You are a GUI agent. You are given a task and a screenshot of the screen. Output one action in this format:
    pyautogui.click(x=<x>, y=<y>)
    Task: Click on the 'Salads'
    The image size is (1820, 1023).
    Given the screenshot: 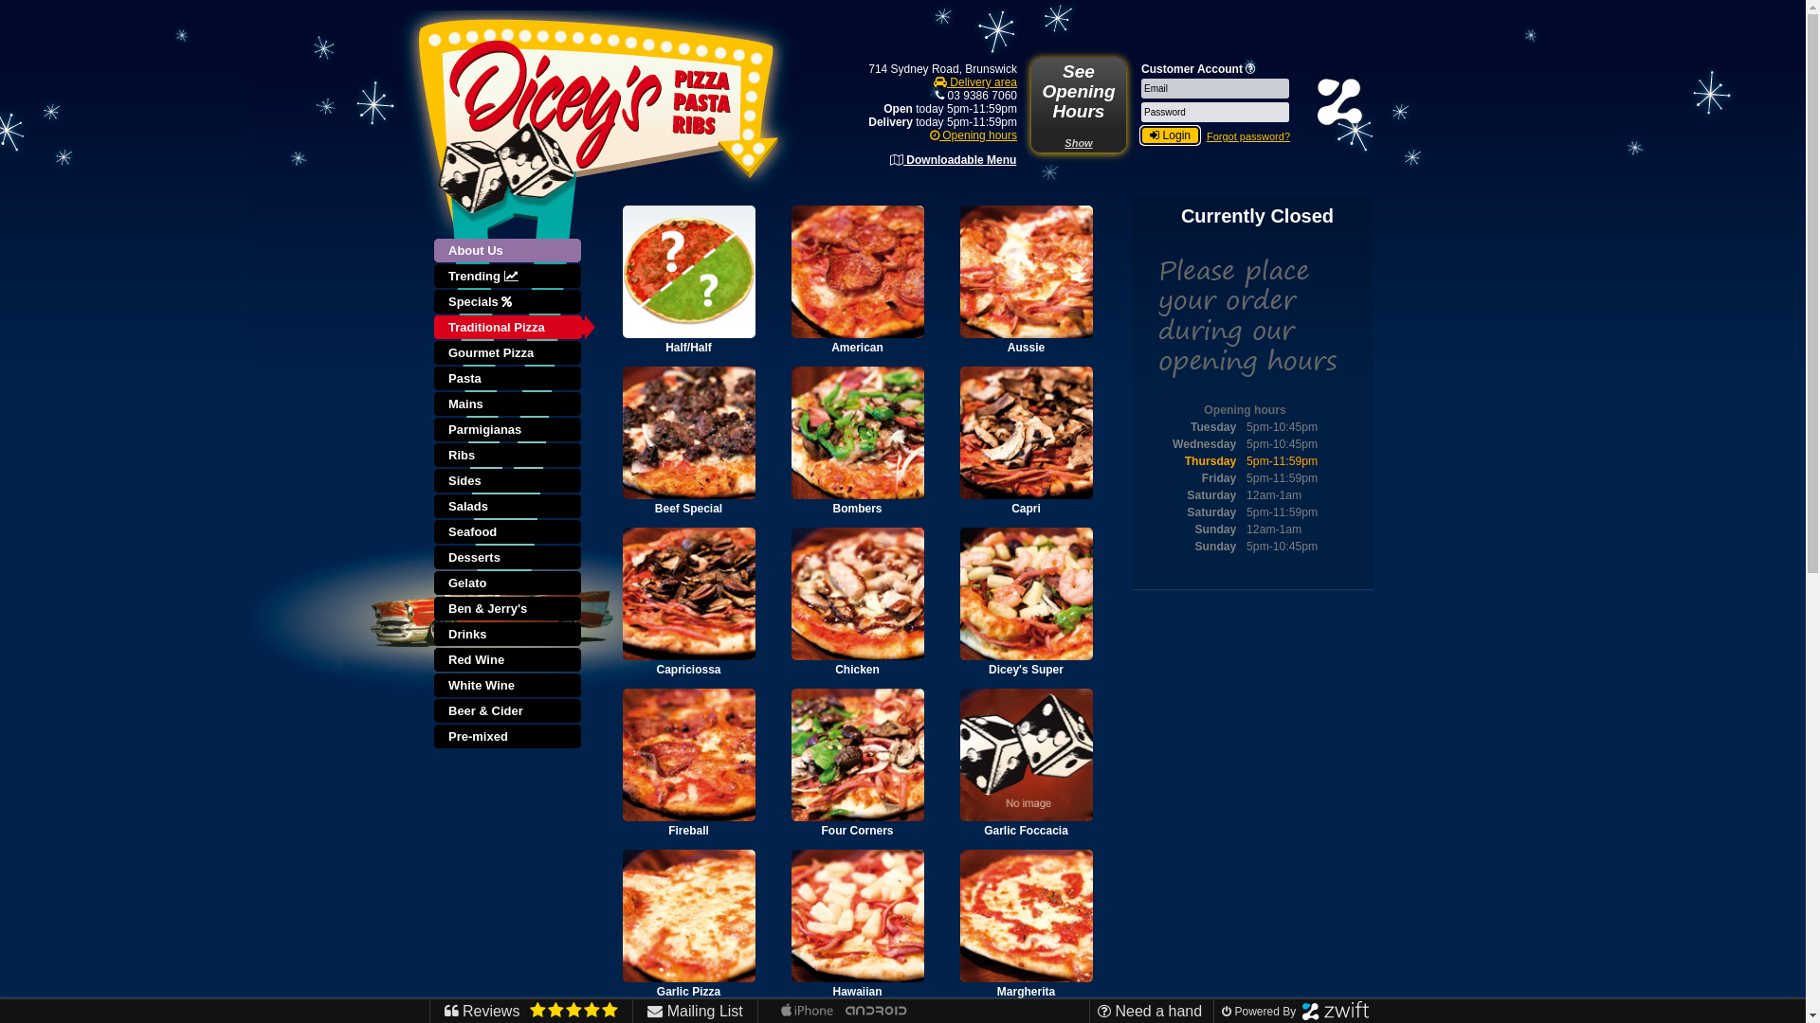 What is the action you would take?
    pyautogui.click(x=509, y=506)
    